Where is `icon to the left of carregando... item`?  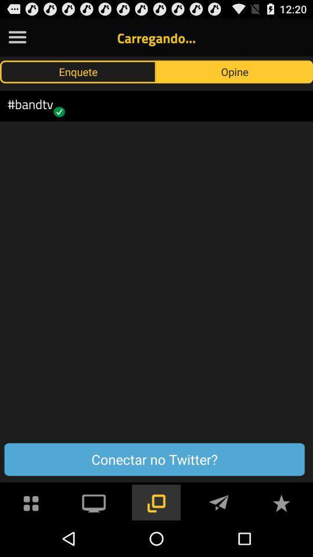
icon to the left of carregando... item is located at coordinates (17, 37).